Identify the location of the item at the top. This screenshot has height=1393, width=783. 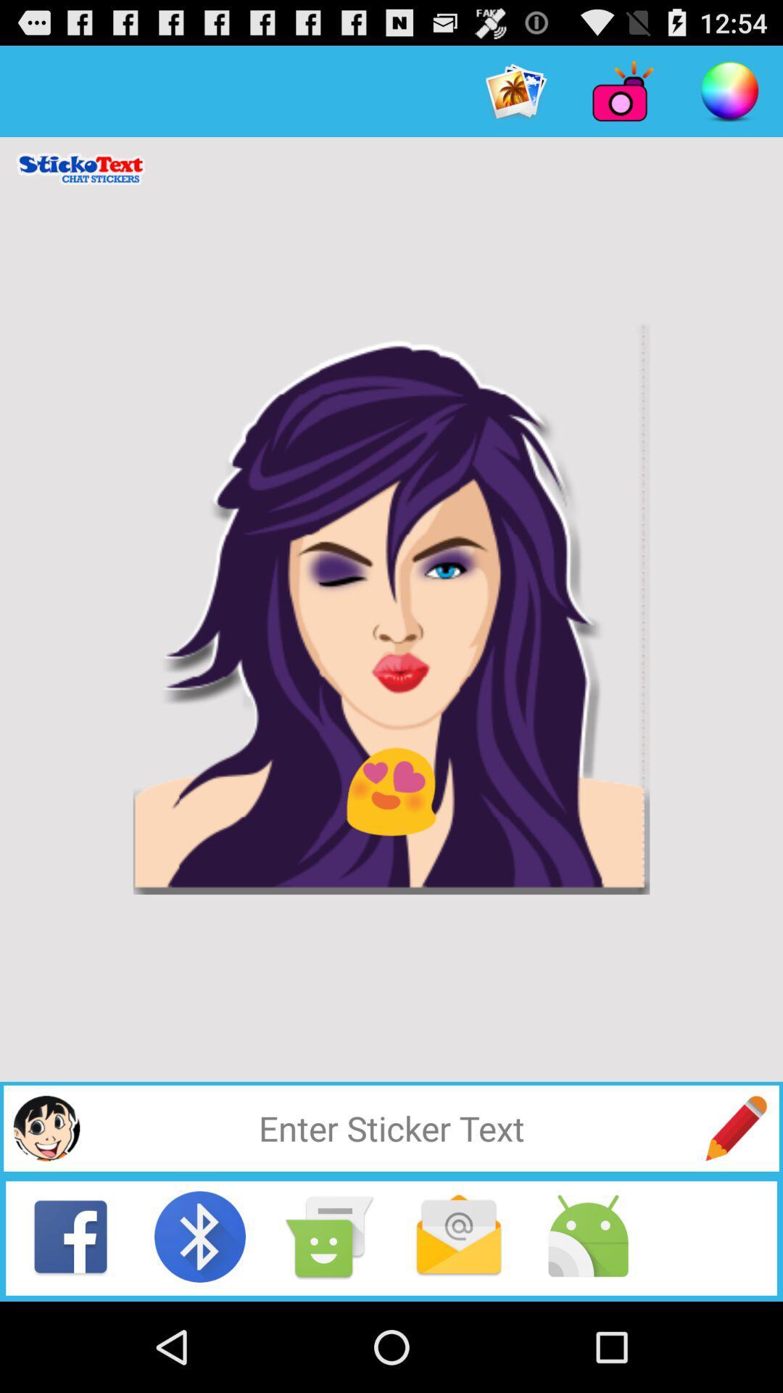
(515, 90).